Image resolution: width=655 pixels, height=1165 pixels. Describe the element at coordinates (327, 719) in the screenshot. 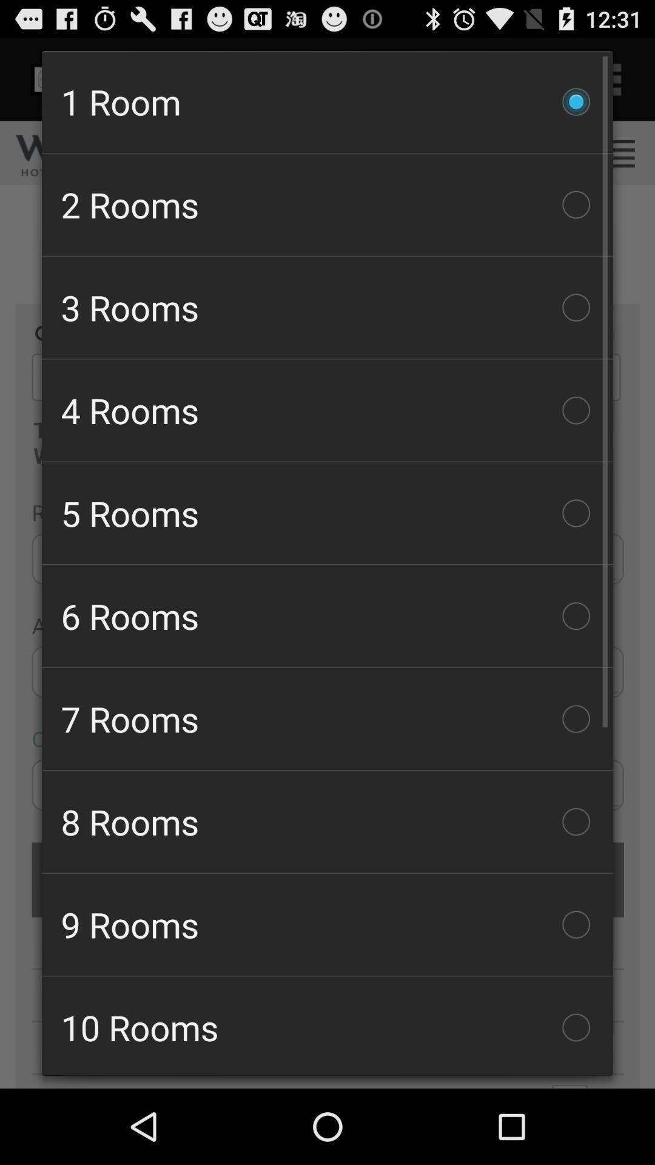

I see `the 7 rooms item` at that location.